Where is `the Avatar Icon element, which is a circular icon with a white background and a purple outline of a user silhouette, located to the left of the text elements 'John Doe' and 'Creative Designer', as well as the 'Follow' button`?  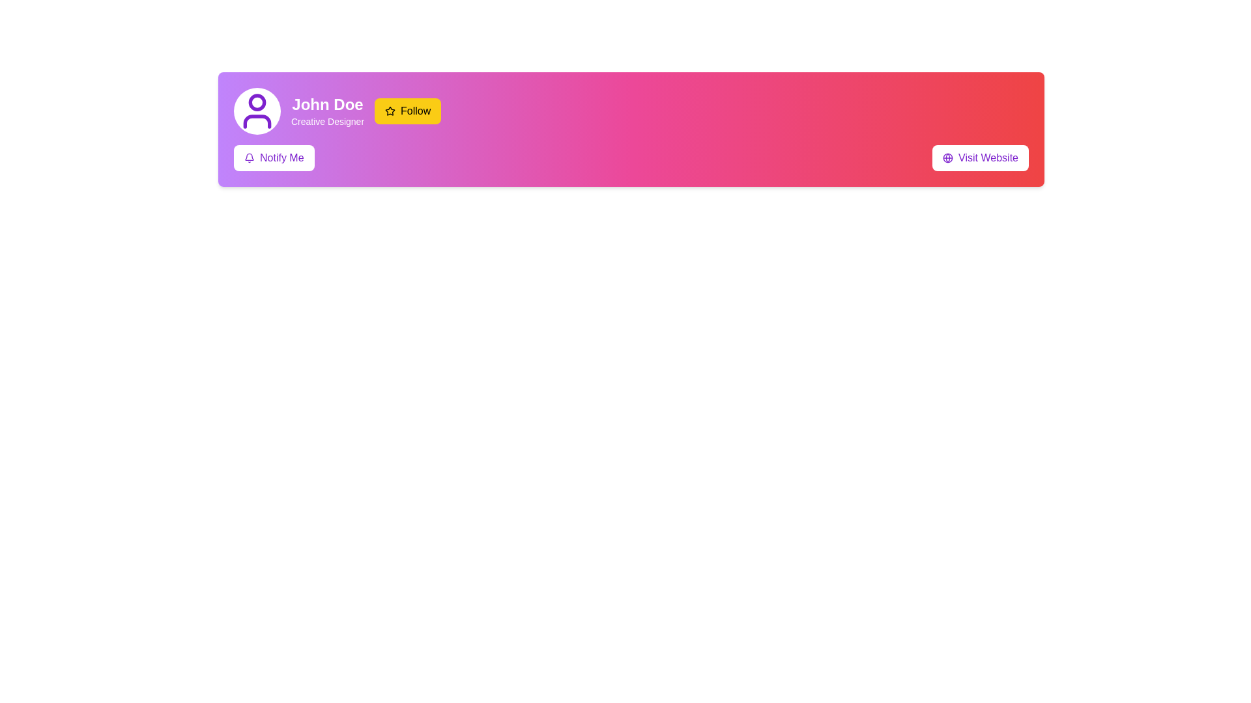
the Avatar Icon element, which is a circular icon with a white background and a purple outline of a user silhouette, located to the left of the text elements 'John Doe' and 'Creative Designer', as well as the 'Follow' button is located at coordinates (257, 110).